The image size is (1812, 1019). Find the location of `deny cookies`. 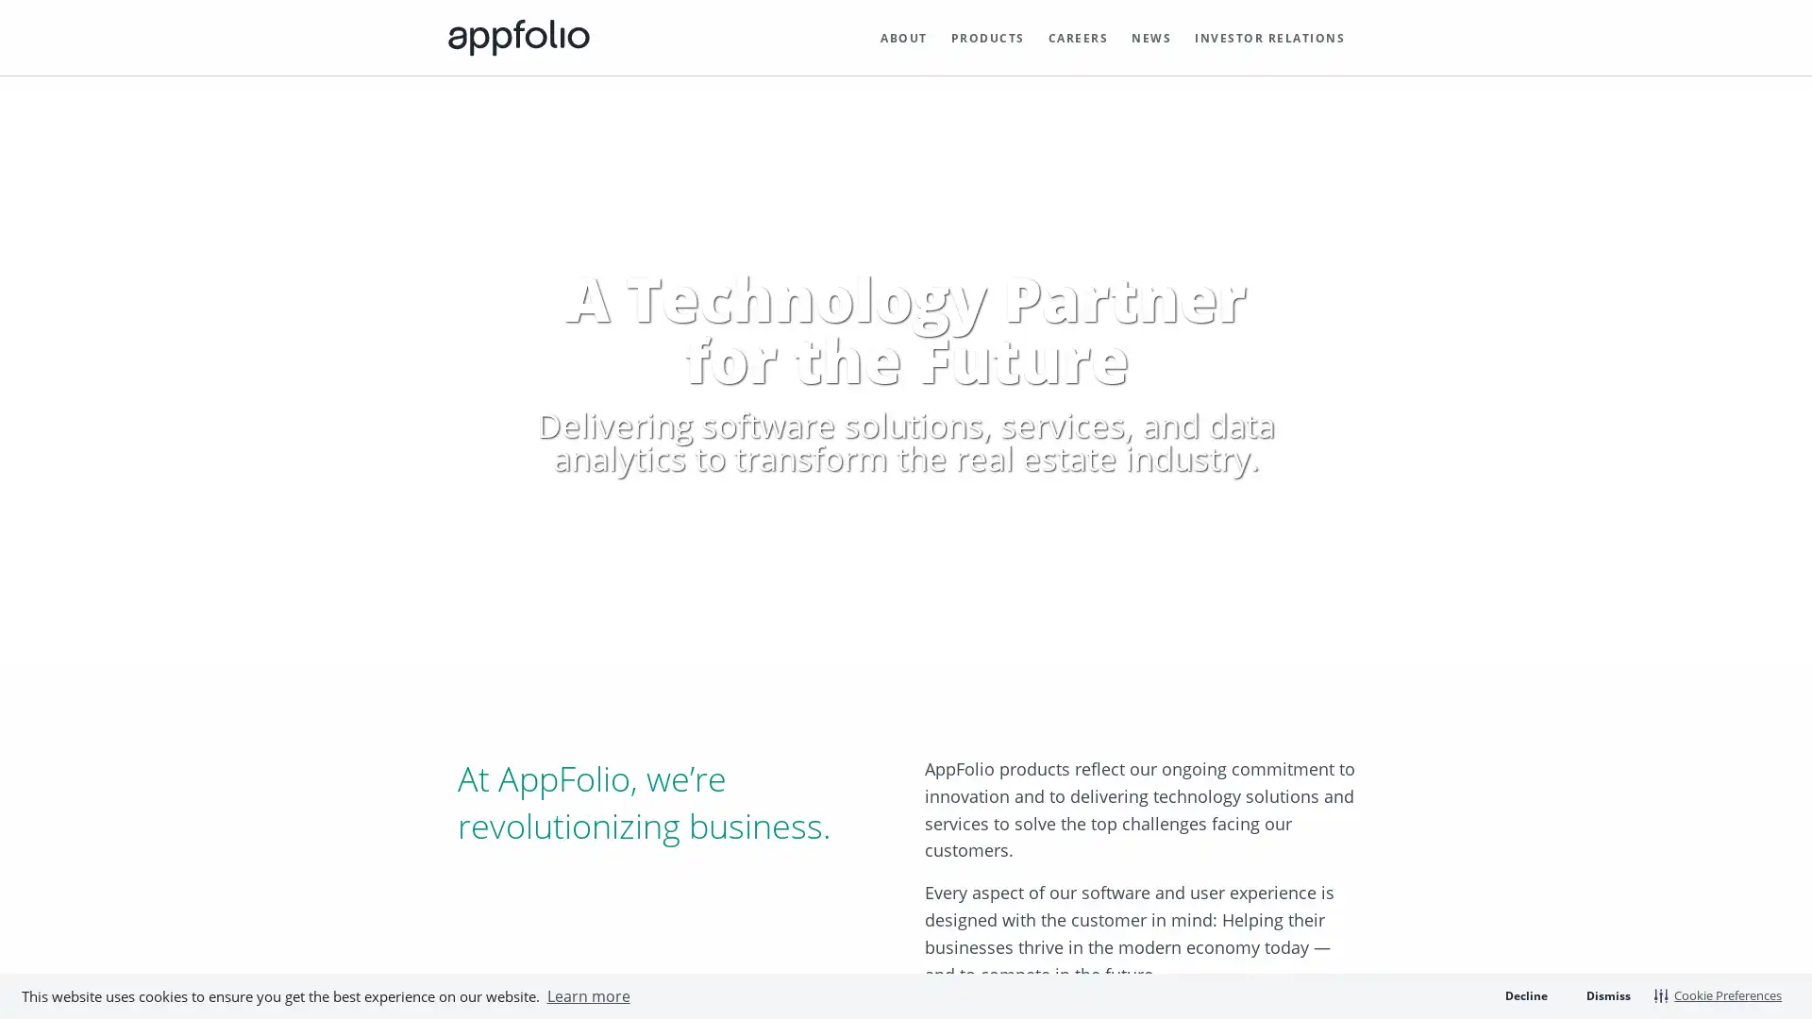

deny cookies is located at coordinates (1526, 994).